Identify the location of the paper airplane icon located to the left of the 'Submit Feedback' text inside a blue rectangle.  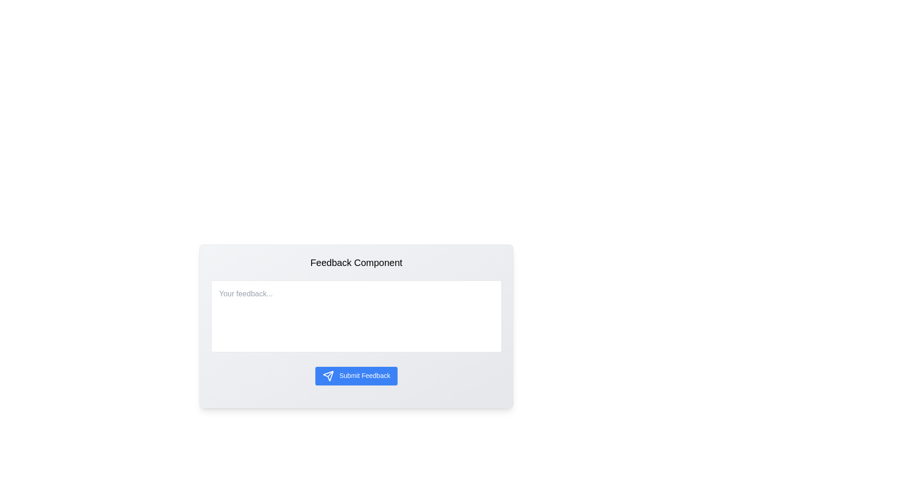
(328, 376).